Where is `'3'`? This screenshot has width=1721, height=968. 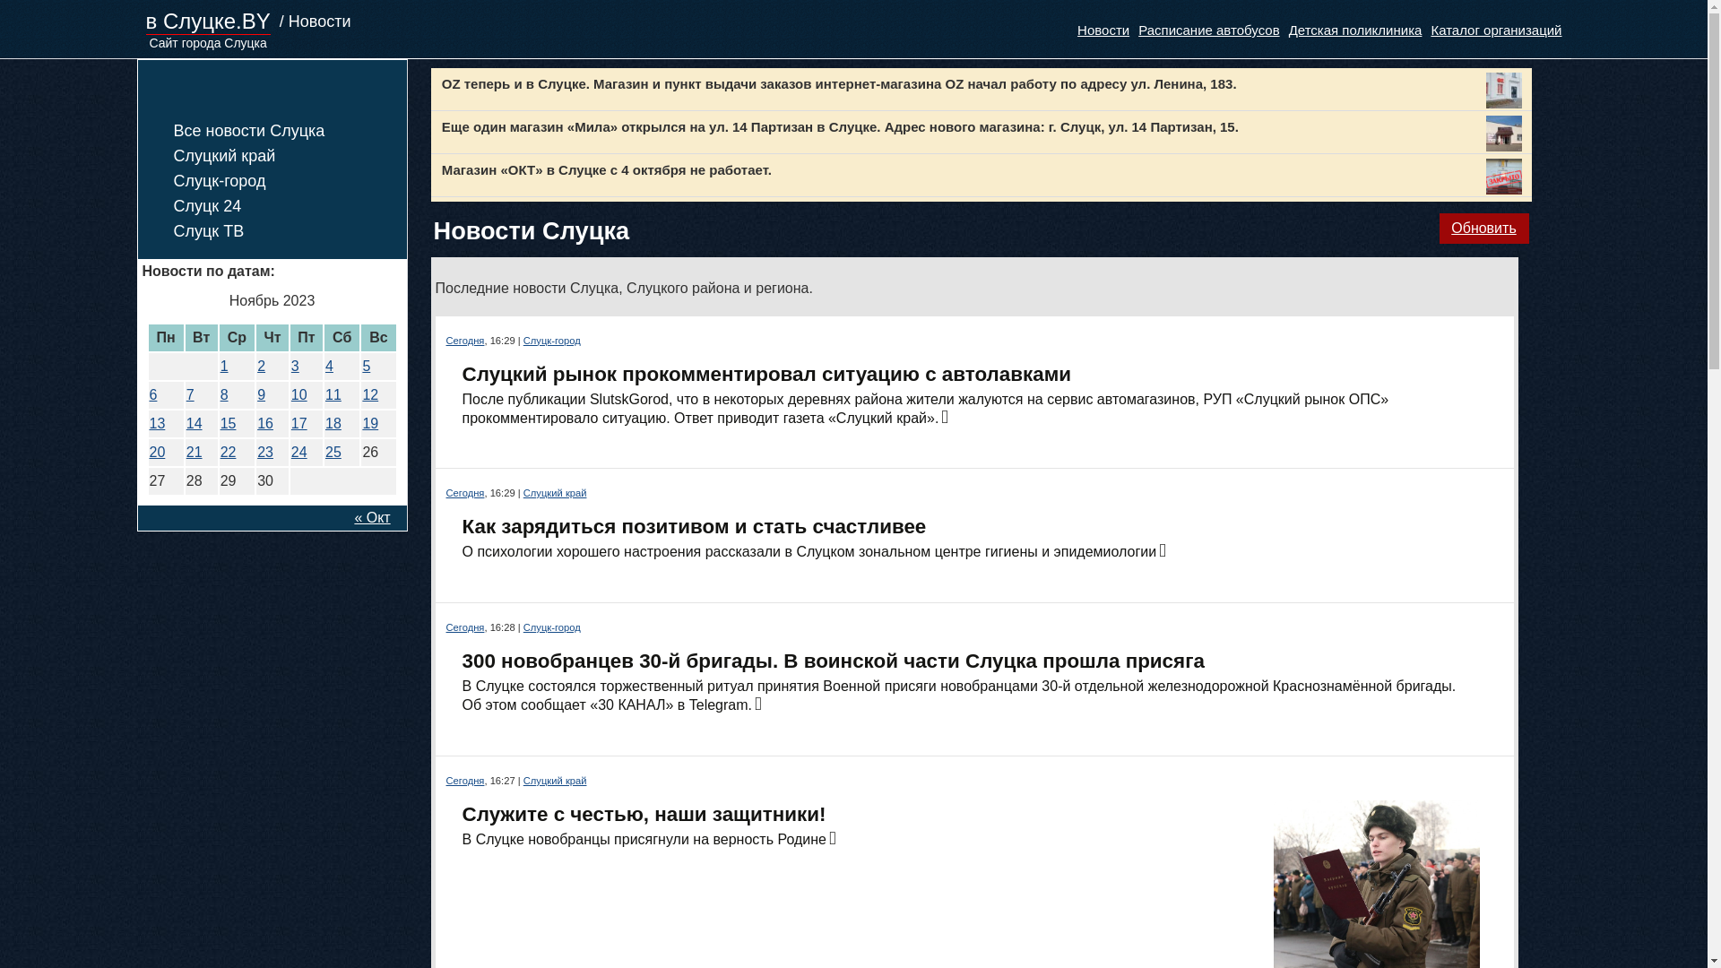
'3' is located at coordinates (295, 365).